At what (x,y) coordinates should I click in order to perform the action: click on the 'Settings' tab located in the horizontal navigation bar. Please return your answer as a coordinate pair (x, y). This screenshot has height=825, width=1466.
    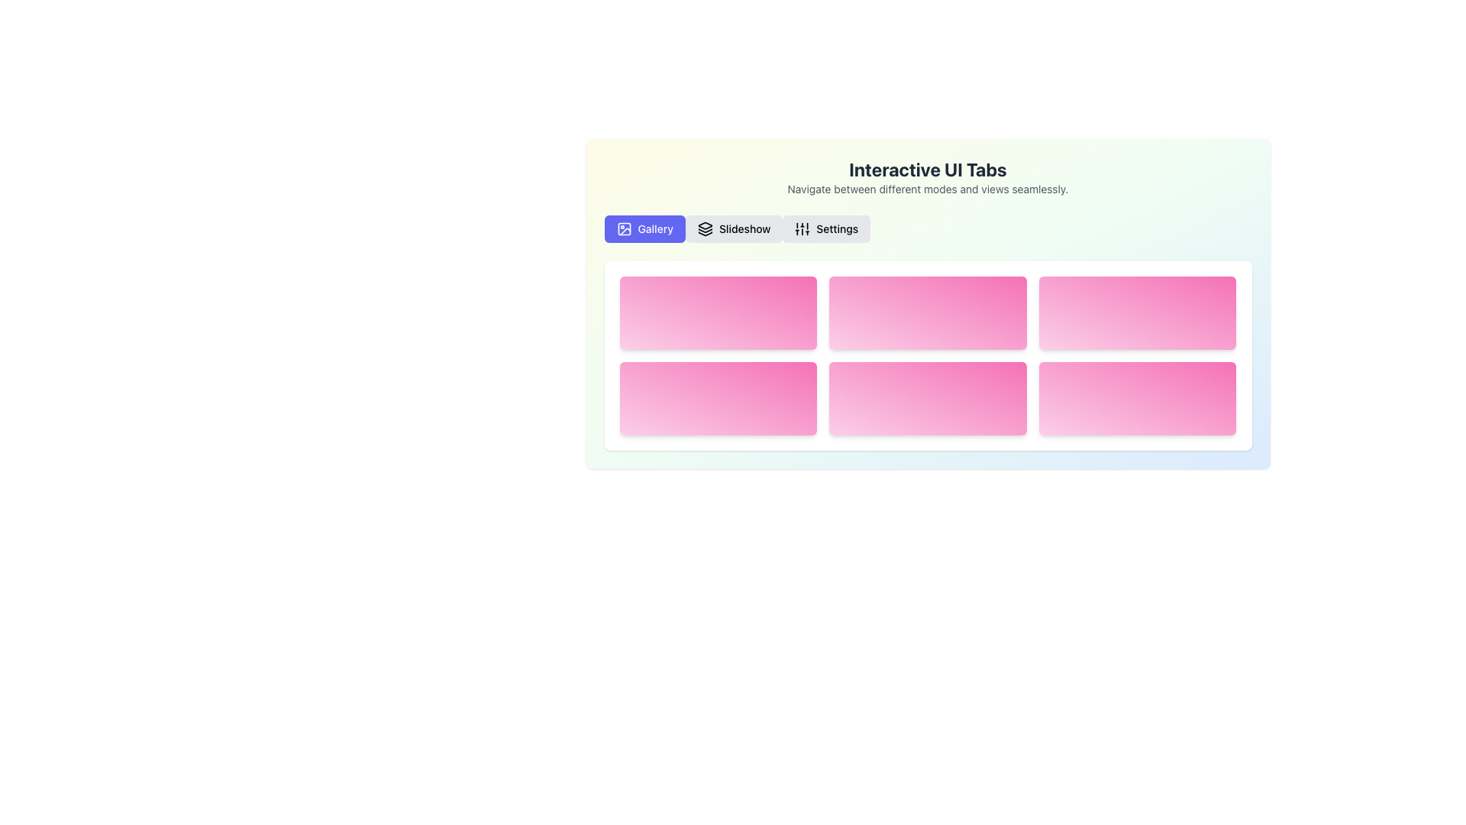
    Looking at the image, I should click on (825, 229).